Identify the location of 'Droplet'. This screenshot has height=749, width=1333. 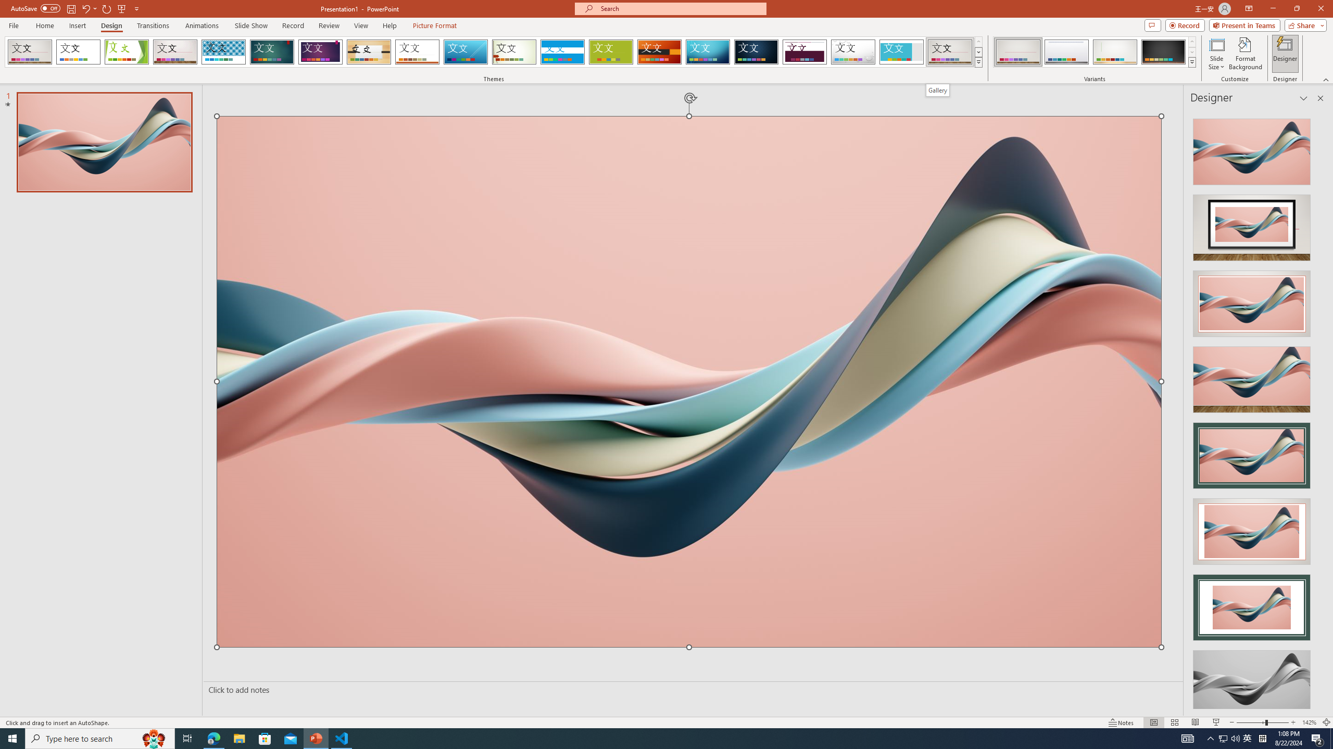
(853, 51).